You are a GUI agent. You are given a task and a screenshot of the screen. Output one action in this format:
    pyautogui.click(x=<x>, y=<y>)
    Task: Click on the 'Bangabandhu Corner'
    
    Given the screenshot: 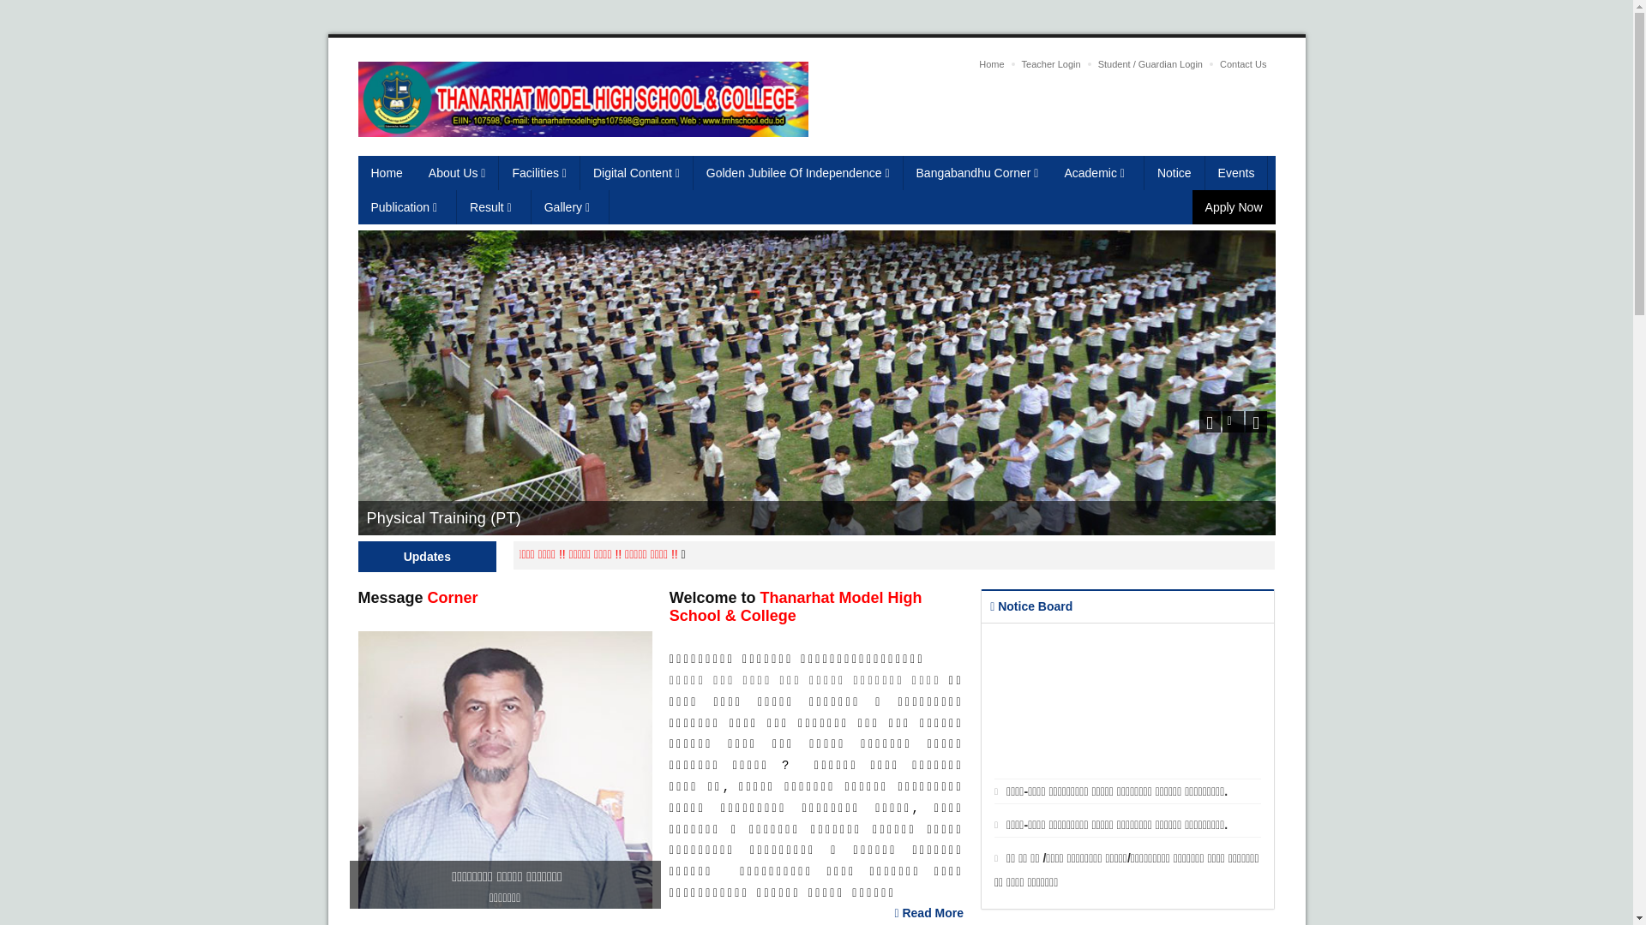 What is the action you would take?
    pyautogui.click(x=977, y=172)
    